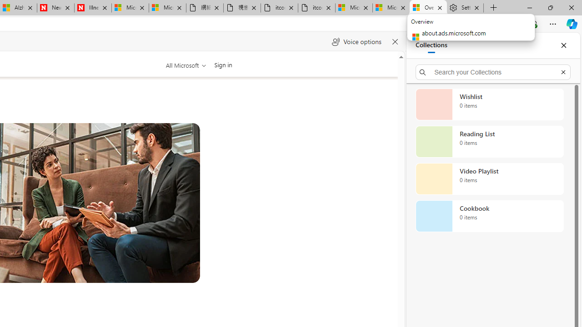  I want to click on 'Close read aloud', so click(395, 42).